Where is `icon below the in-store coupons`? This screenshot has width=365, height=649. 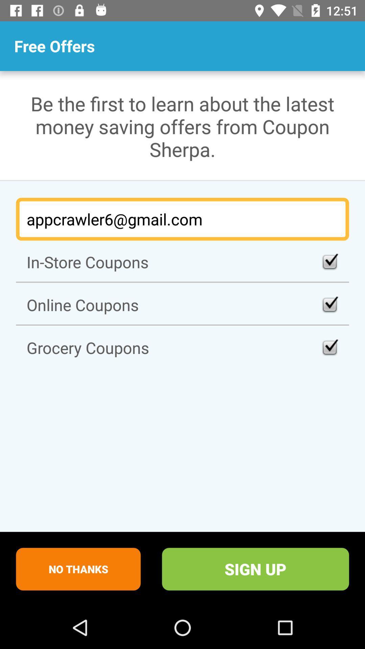 icon below the in-store coupons is located at coordinates (182, 304).